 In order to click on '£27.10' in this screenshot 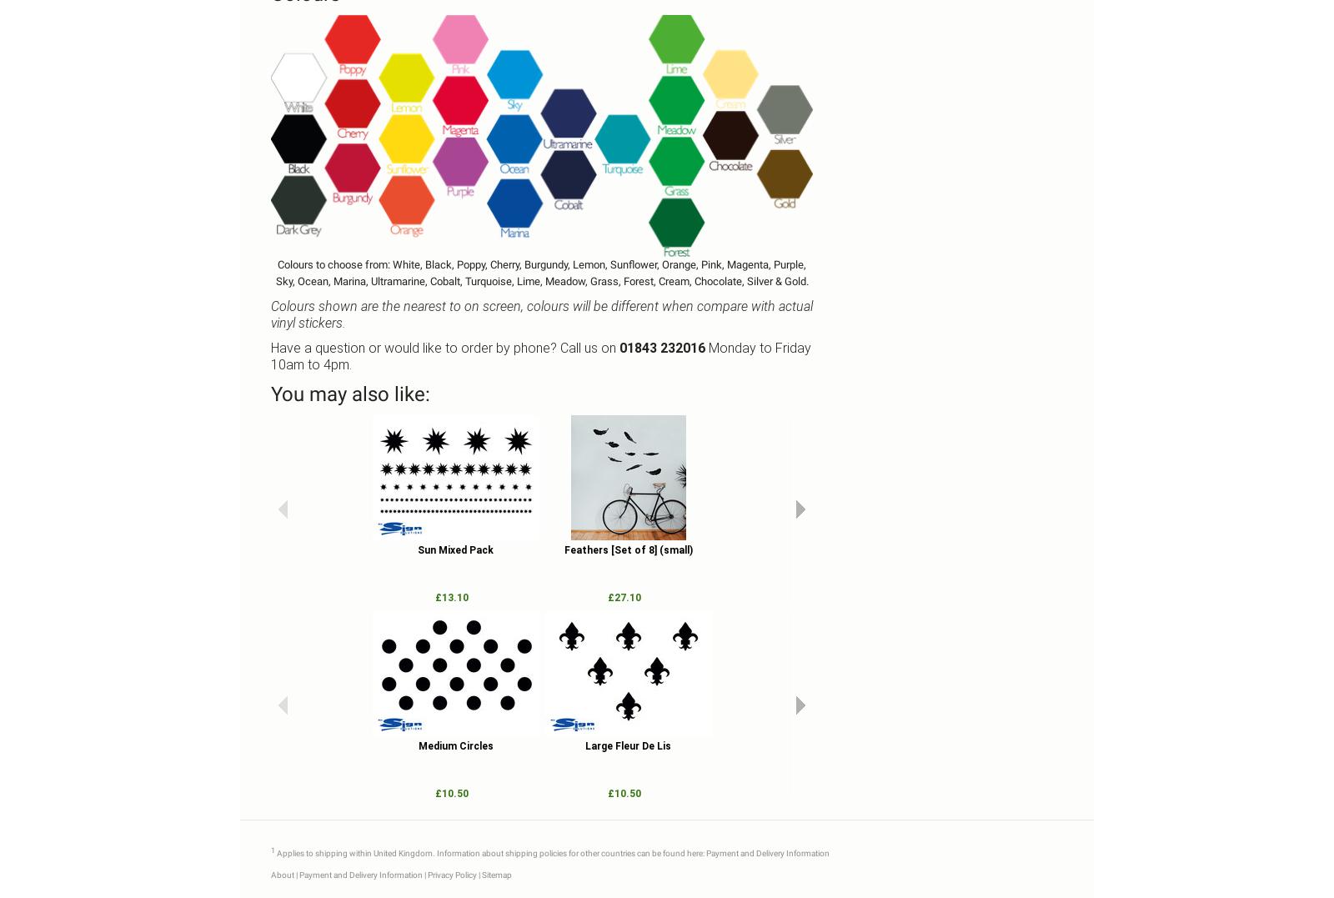, I will do `click(624, 597)`.